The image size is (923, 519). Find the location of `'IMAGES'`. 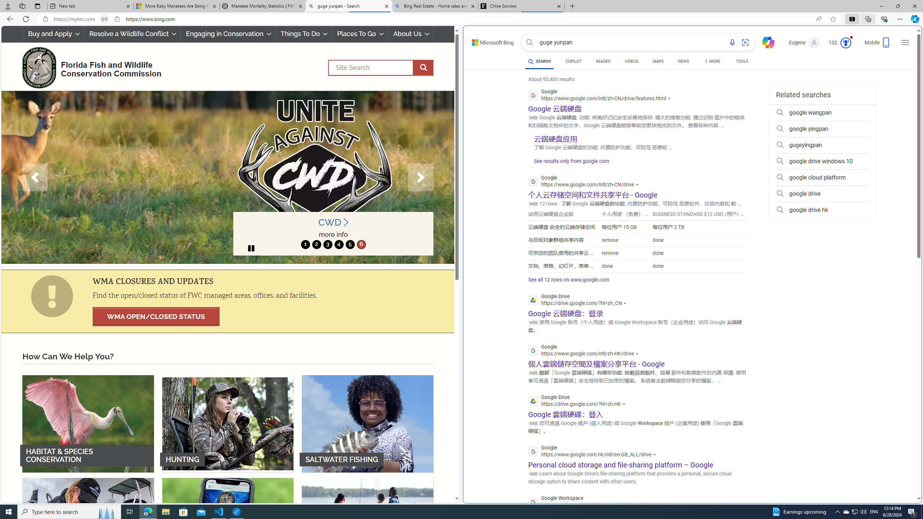

'IMAGES' is located at coordinates (602, 61).